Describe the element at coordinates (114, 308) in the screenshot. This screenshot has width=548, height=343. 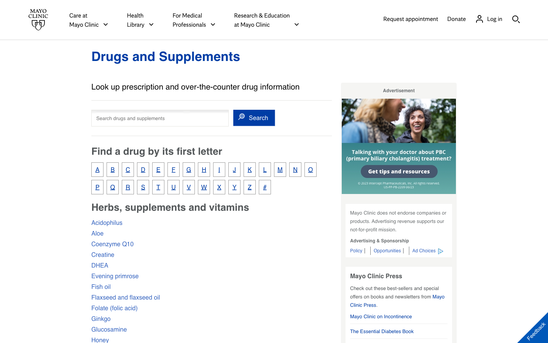
I see `Determine the role of folic acid in the body` at that location.